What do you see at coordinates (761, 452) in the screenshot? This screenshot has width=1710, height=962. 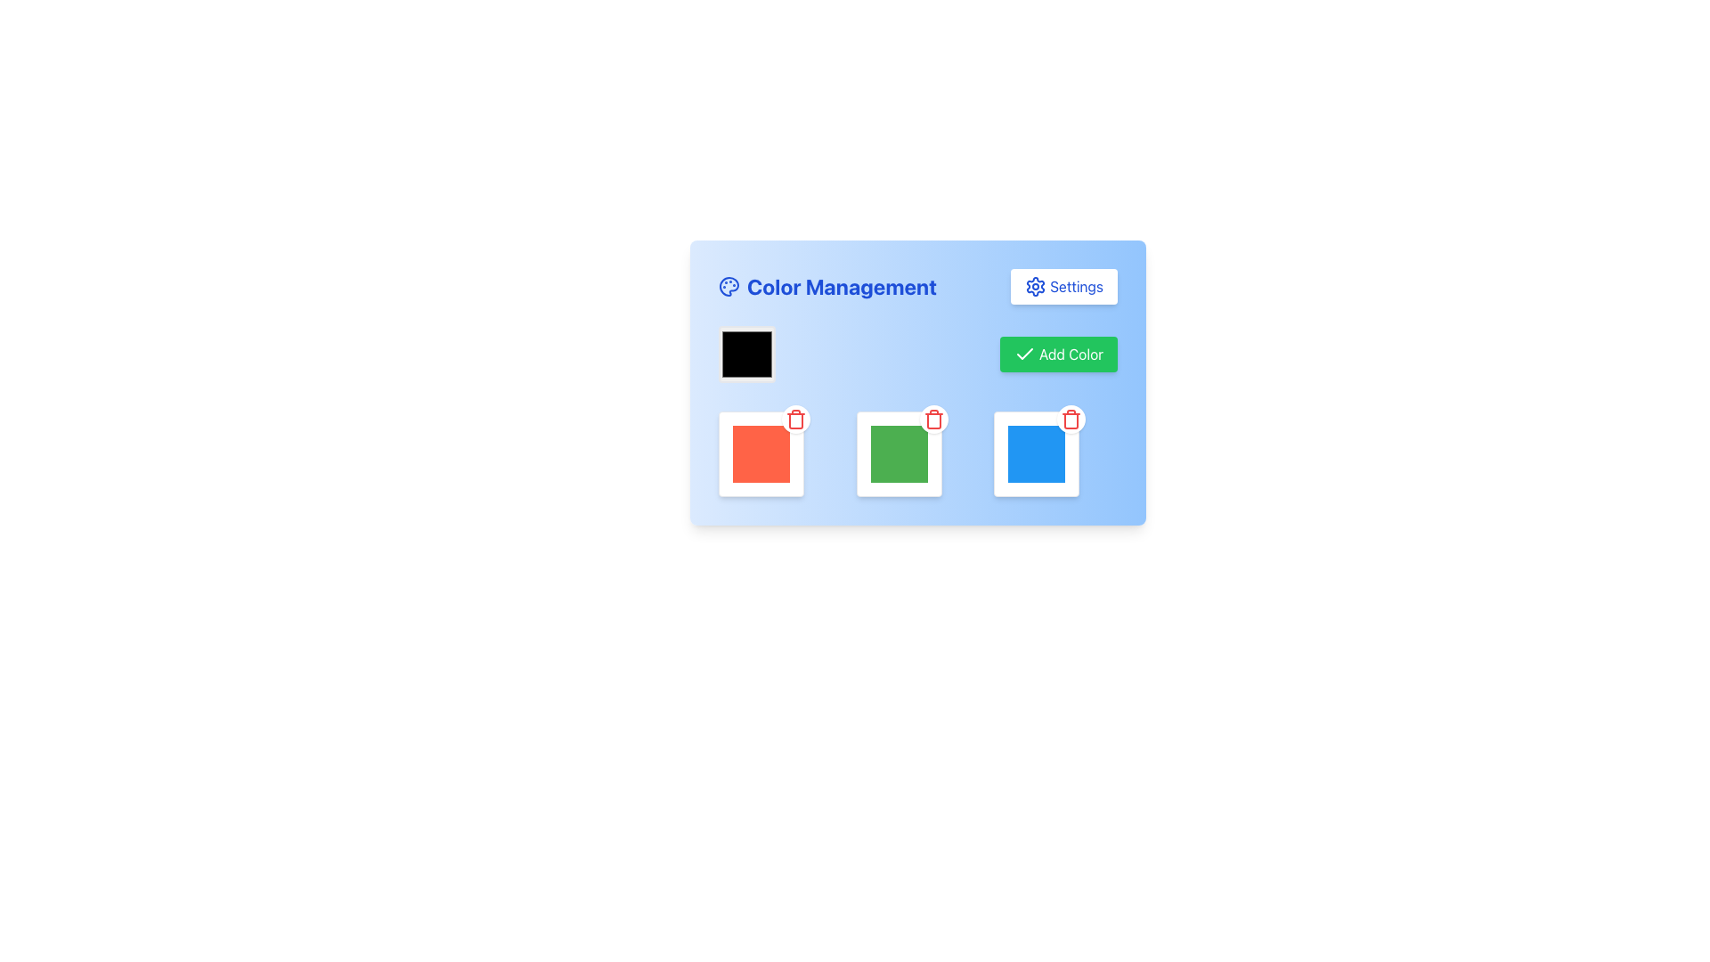 I see `the red square-shaped visual card located in the first cell of a three-column grid layout under the header 'Color Management'` at bounding box center [761, 452].